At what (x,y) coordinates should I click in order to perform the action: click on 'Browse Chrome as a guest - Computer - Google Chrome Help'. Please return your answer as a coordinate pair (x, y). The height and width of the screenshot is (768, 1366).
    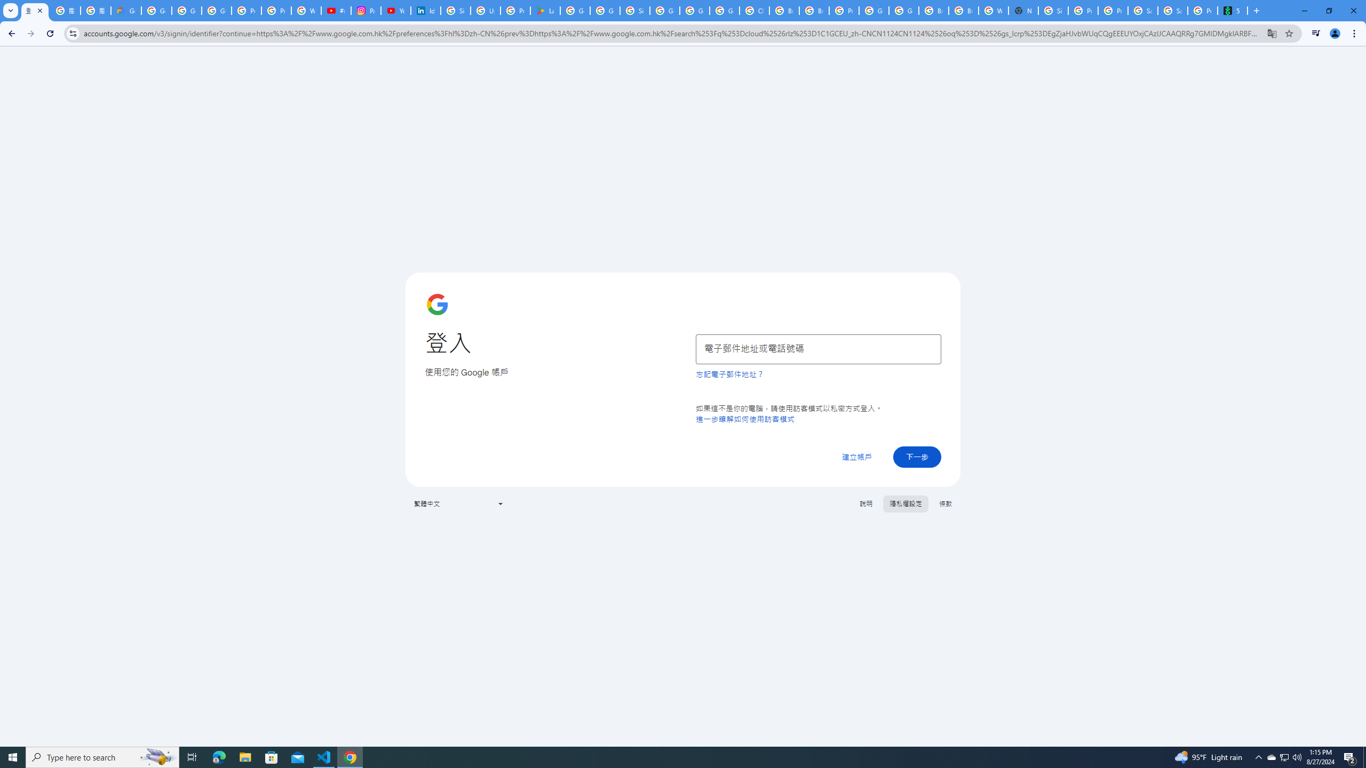
    Looking at the image, I should click on (933, 10).